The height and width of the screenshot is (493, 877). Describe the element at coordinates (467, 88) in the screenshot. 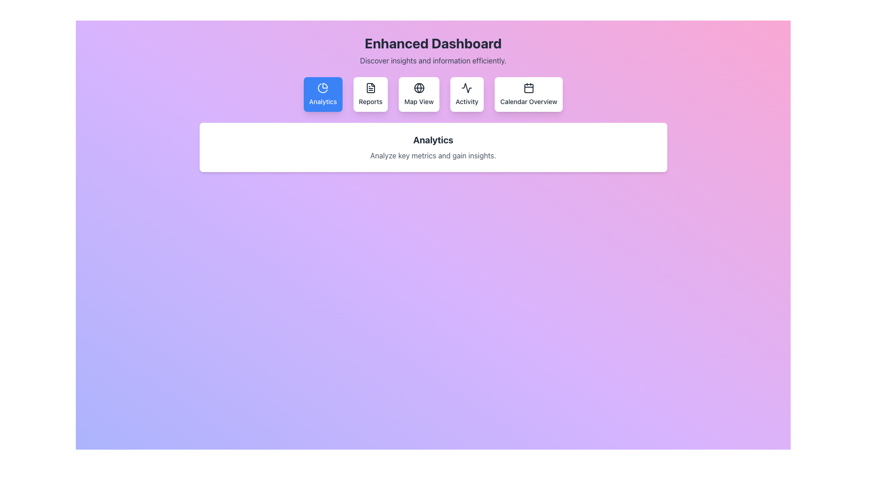

I see `the icon associated with the 'Activity' button located in the top central section of the interface, positioned above the text label 'Activity'` at that location.